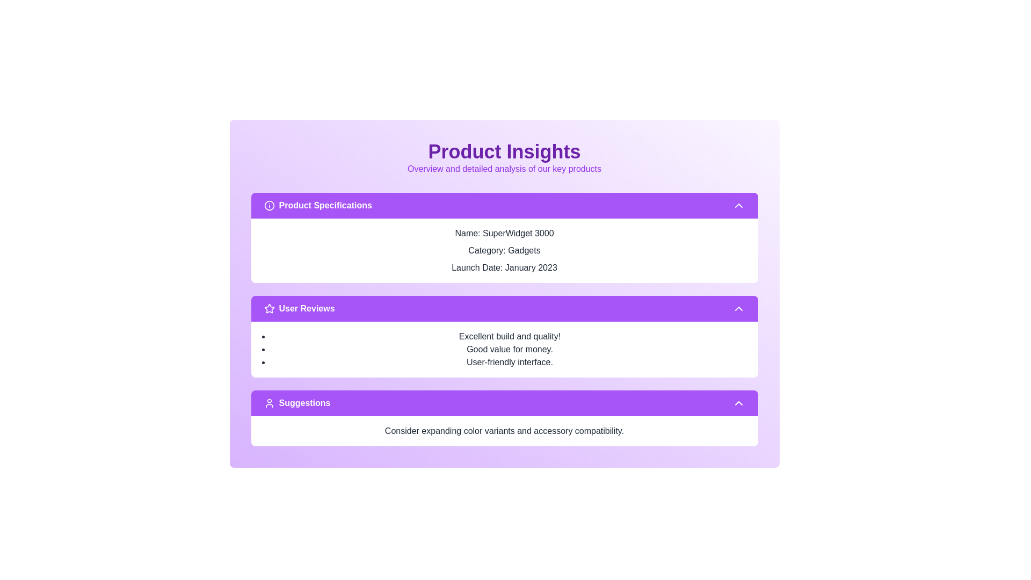 The height and width of the screenshot is (580, 1031). What do you see at coordinates (738, 308) in the screenshot?
I see `the chevron-up icon with a purple background located on the far-right side of the 'User Reviews' section header` at bounding box center [738, 308].